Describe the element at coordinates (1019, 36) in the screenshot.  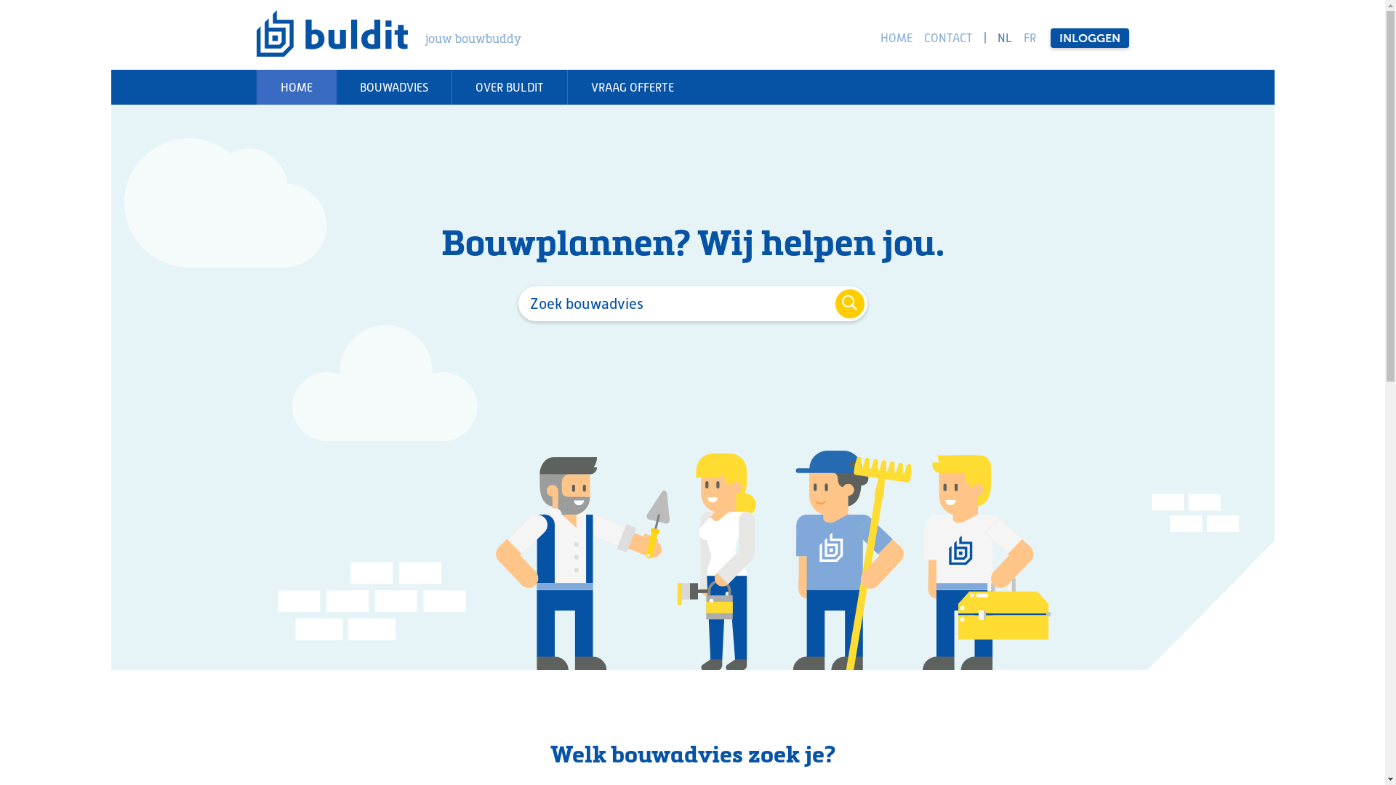
I see `'FR'` at that location.